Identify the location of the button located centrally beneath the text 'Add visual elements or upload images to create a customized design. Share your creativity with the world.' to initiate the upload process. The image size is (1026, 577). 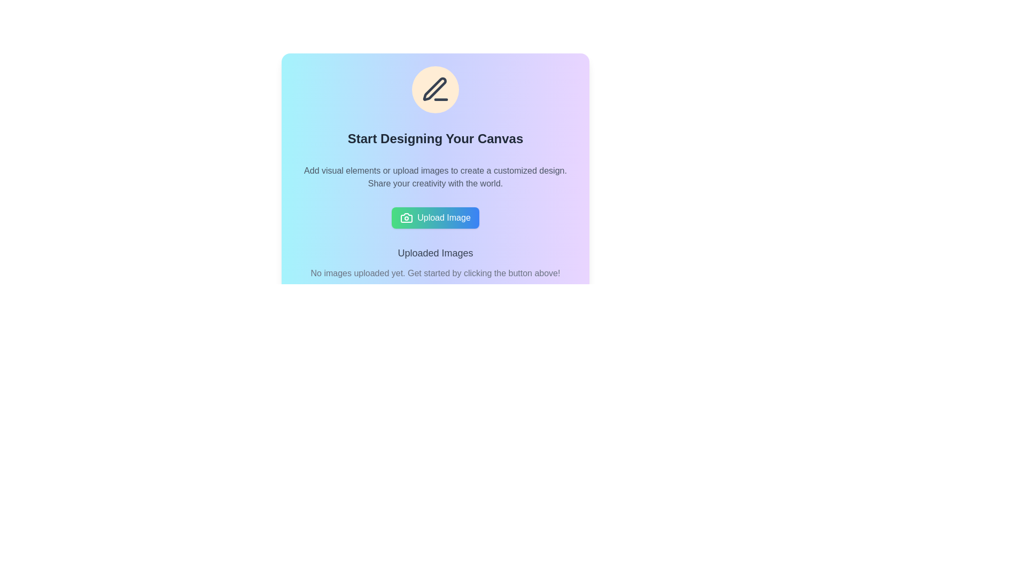
(436, 217).